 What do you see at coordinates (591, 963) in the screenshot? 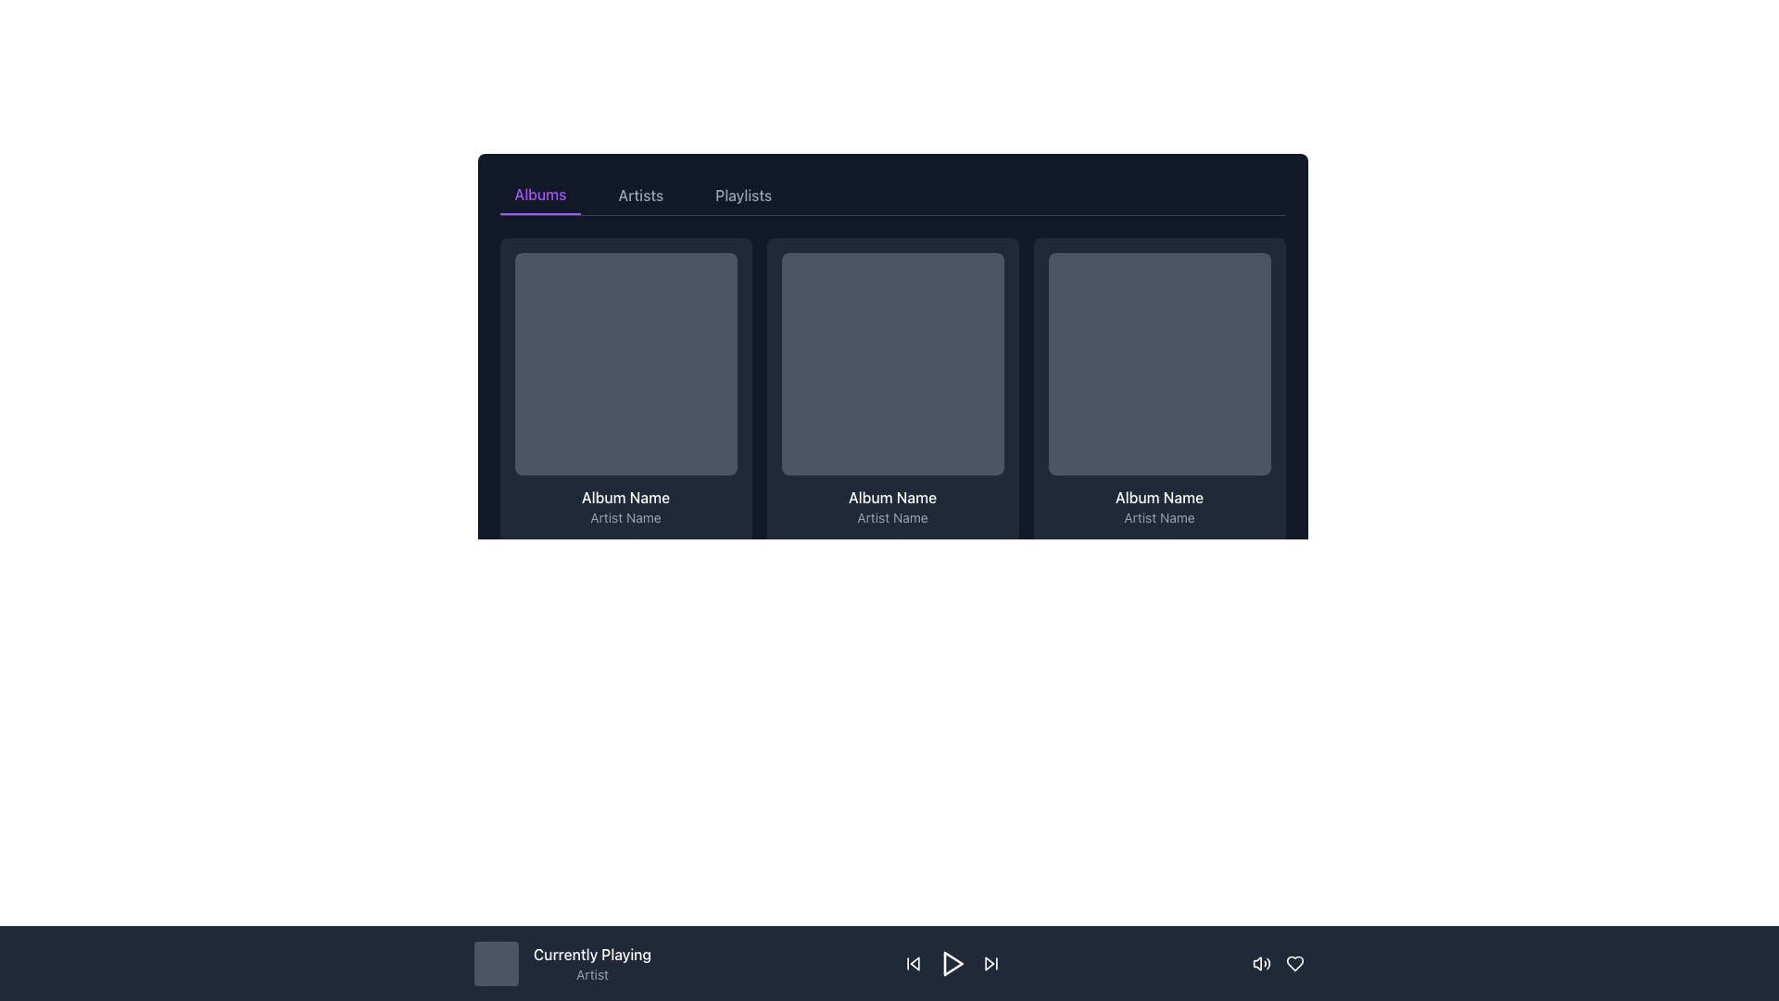
I see `the Text Display that shows 'Currently Playing' and 'Artist', located in the bottom control bar of the interface, centered between a placeholder image and playback controls` at bounding box center [591, 963].